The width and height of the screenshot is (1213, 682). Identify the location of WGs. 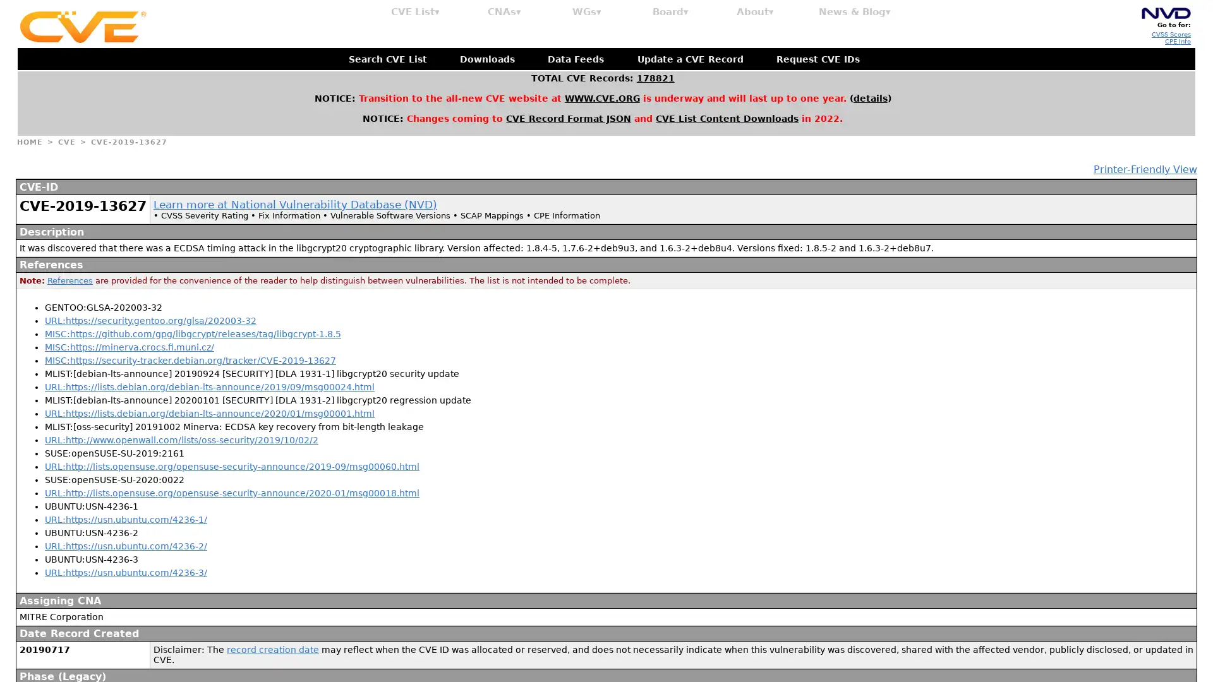
(586, 12).